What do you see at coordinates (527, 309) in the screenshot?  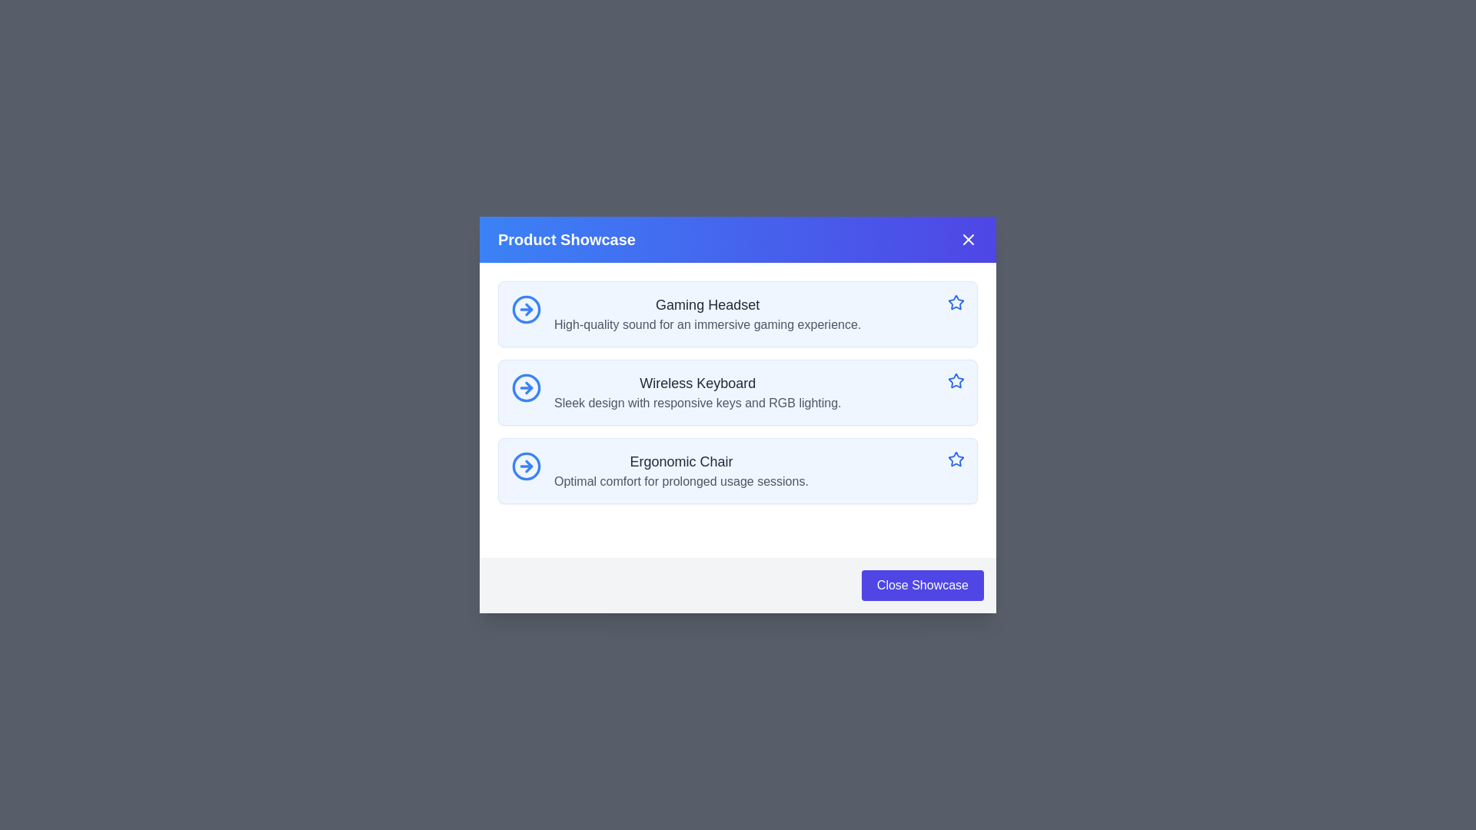 I see `keyboard navigation` at bounding box center [527, 309].